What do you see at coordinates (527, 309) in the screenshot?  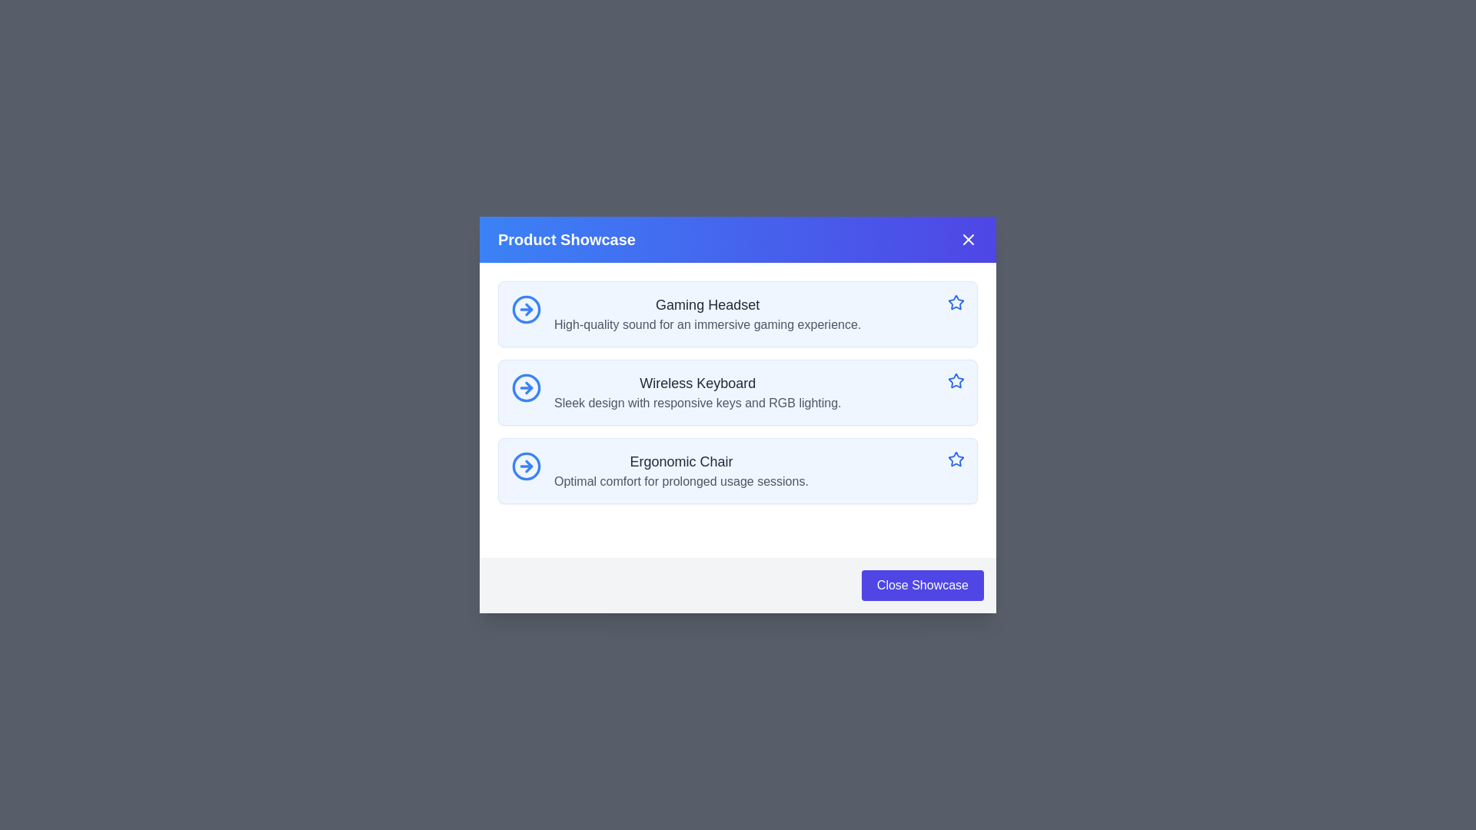 I see `keyboard navigation` at bounding box center [527, 309].